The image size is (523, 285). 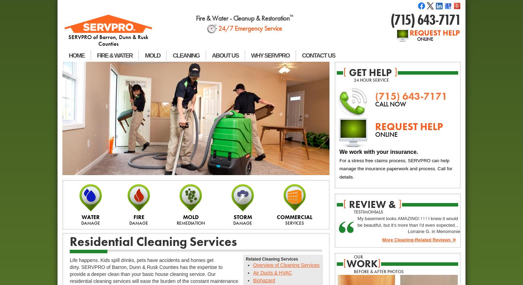 I want to click on 'work', so click(x=362, y=263).